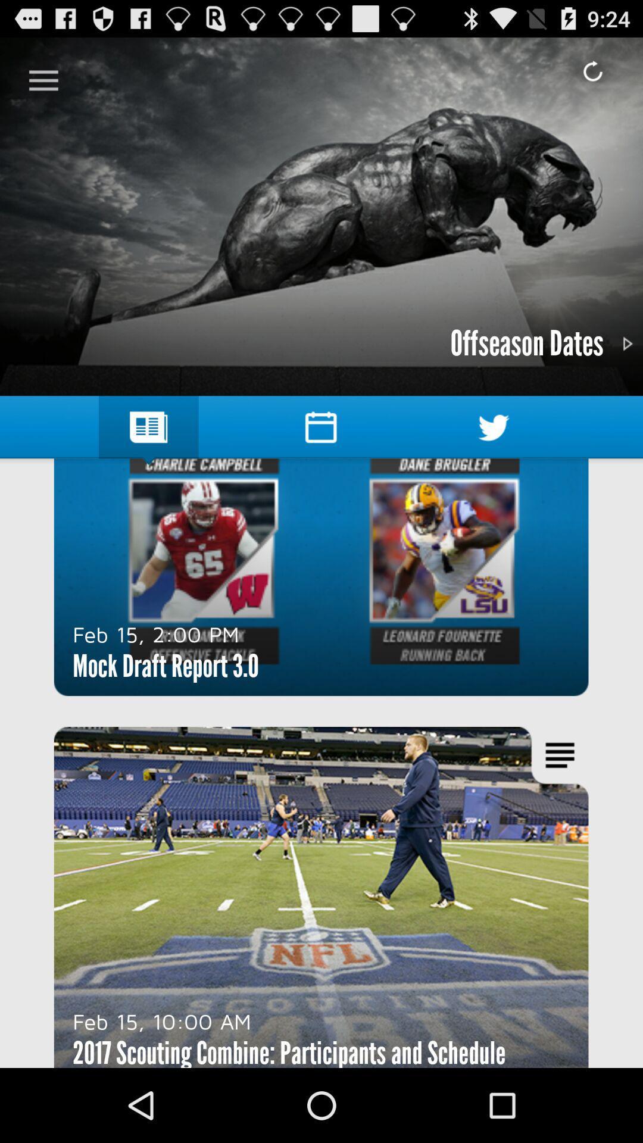  Describe the element at coordinates (321, 897) in the screenshot. I see `the image present at bottom` at that location.